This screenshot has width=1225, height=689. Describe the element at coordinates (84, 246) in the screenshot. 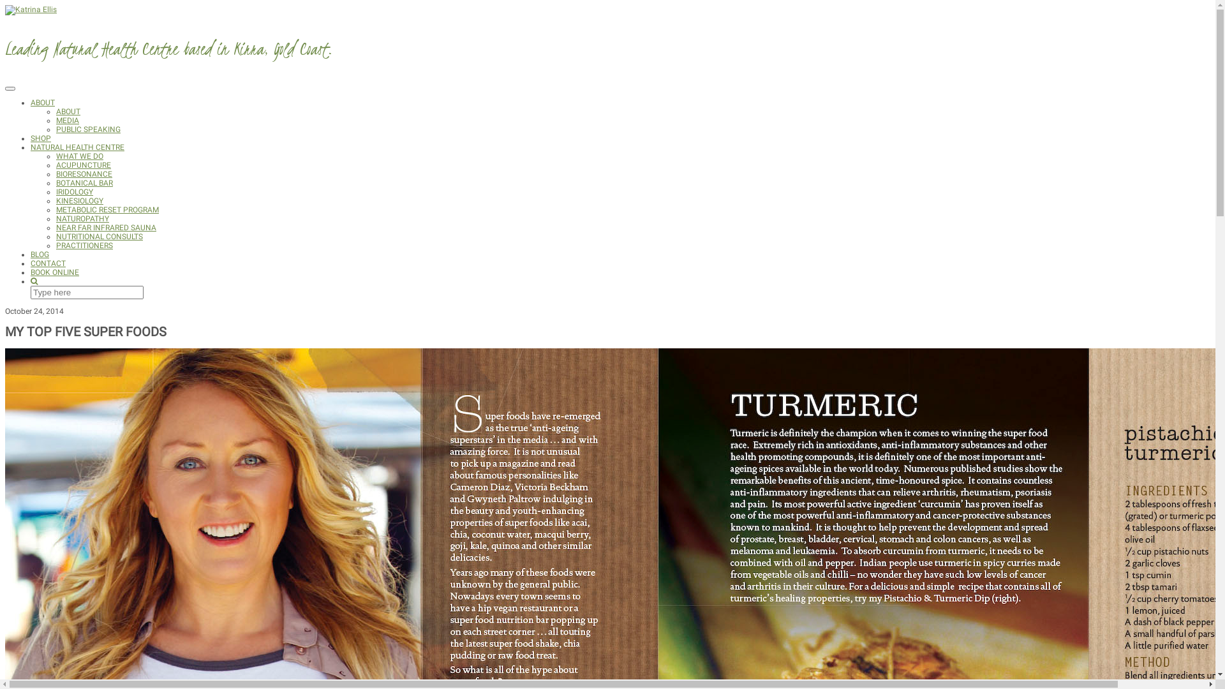

I see `'PRACTITIONERS'` at that location.